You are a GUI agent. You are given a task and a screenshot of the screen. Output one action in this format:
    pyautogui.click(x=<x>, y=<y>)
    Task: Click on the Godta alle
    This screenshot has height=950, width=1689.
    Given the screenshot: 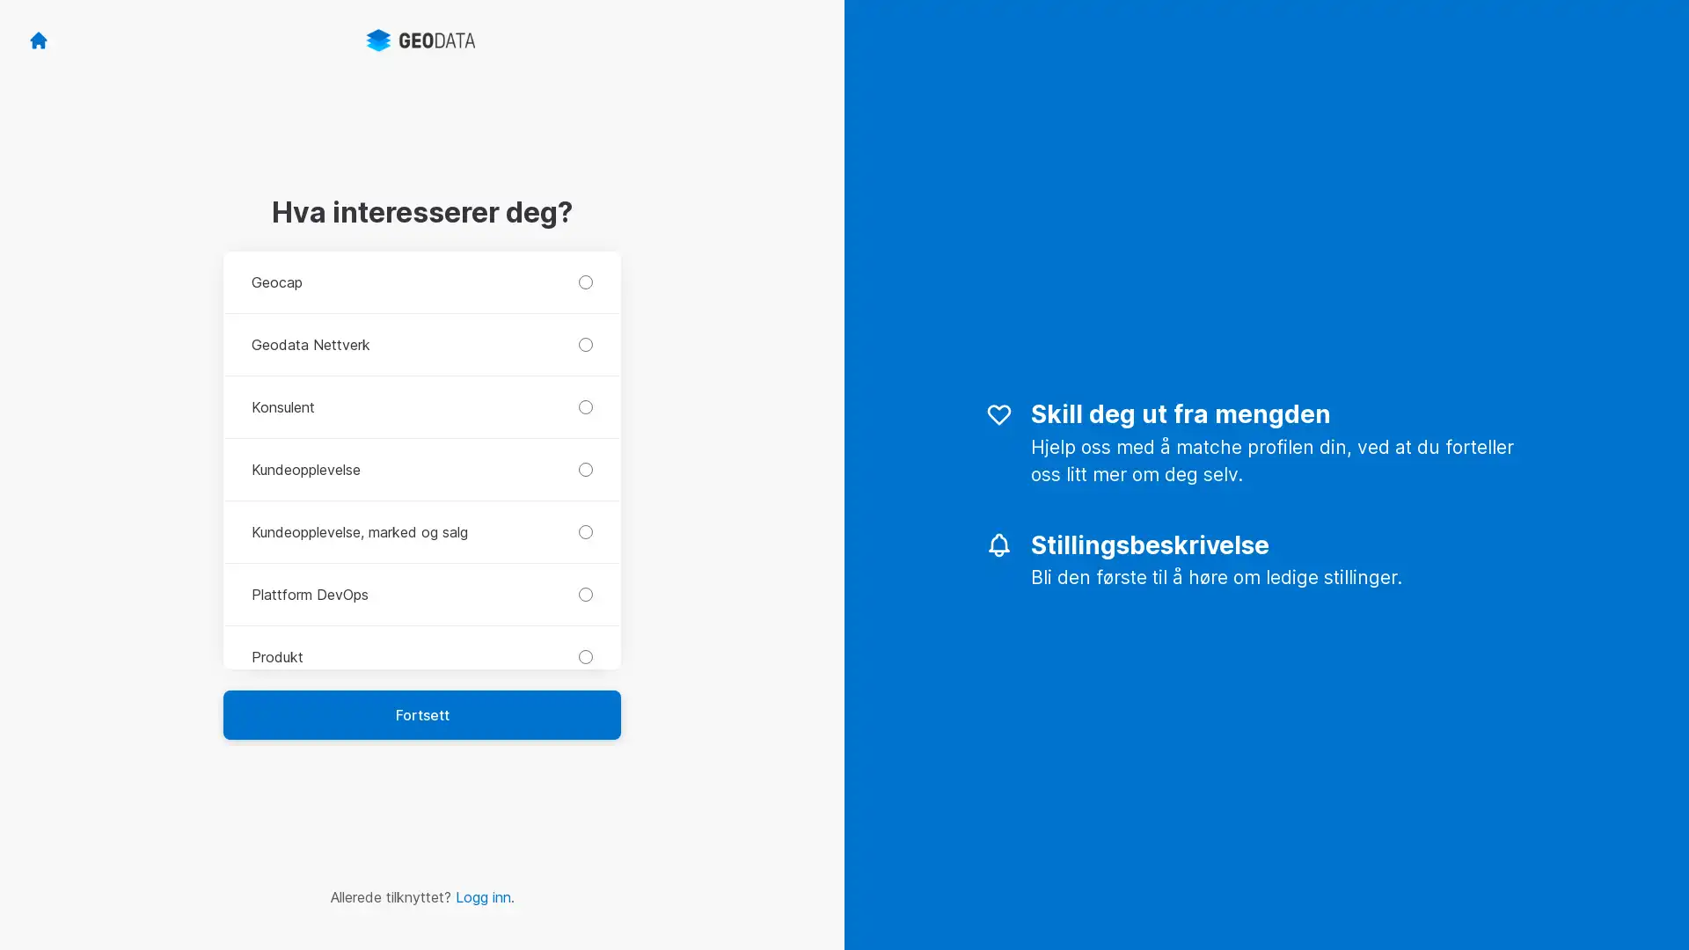 What is the action you would take?
    pyautogui.click(x=1490, y=749)
    